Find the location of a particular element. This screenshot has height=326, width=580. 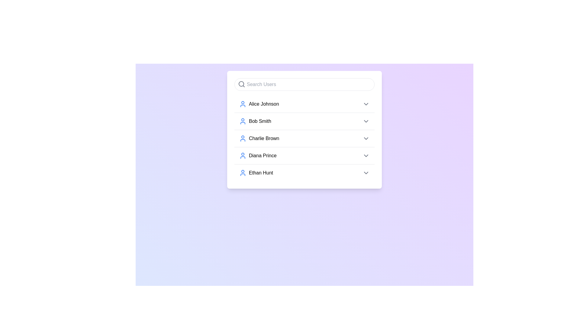

the down-pointing chevron icon, which indicates a dropdown action, located in the far right of the row labeled 'Charlie Brown' in the third position of the user rows is located at coordinates (366, 139).